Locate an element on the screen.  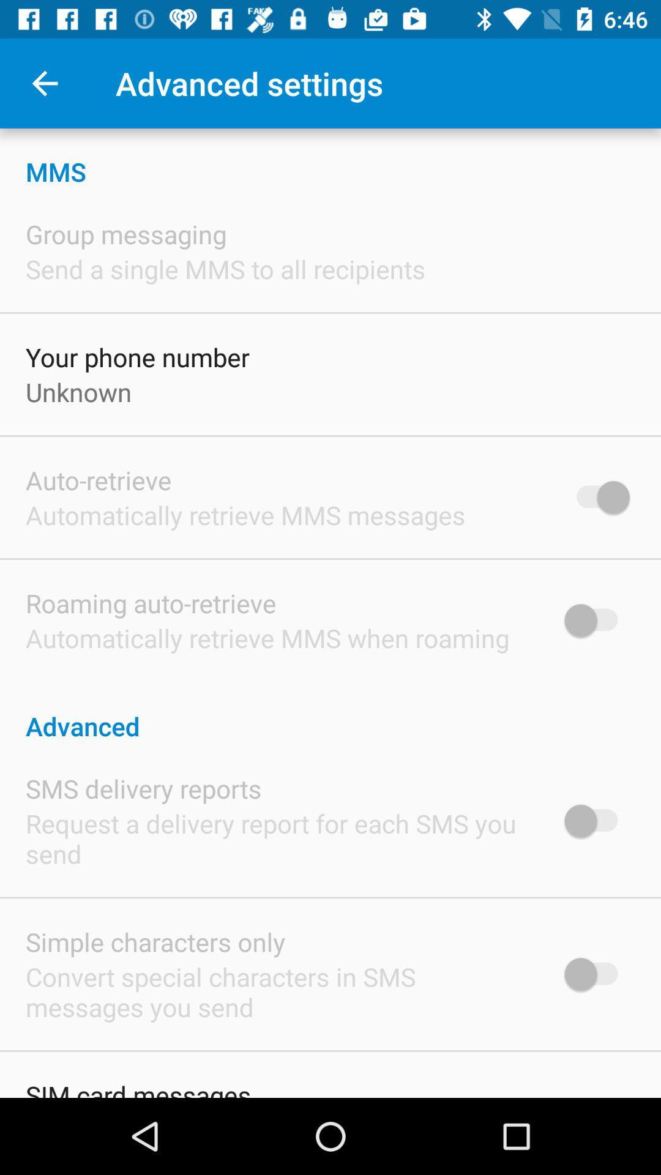
item next to the advanced settings icon is located at coordinates (44, 83).